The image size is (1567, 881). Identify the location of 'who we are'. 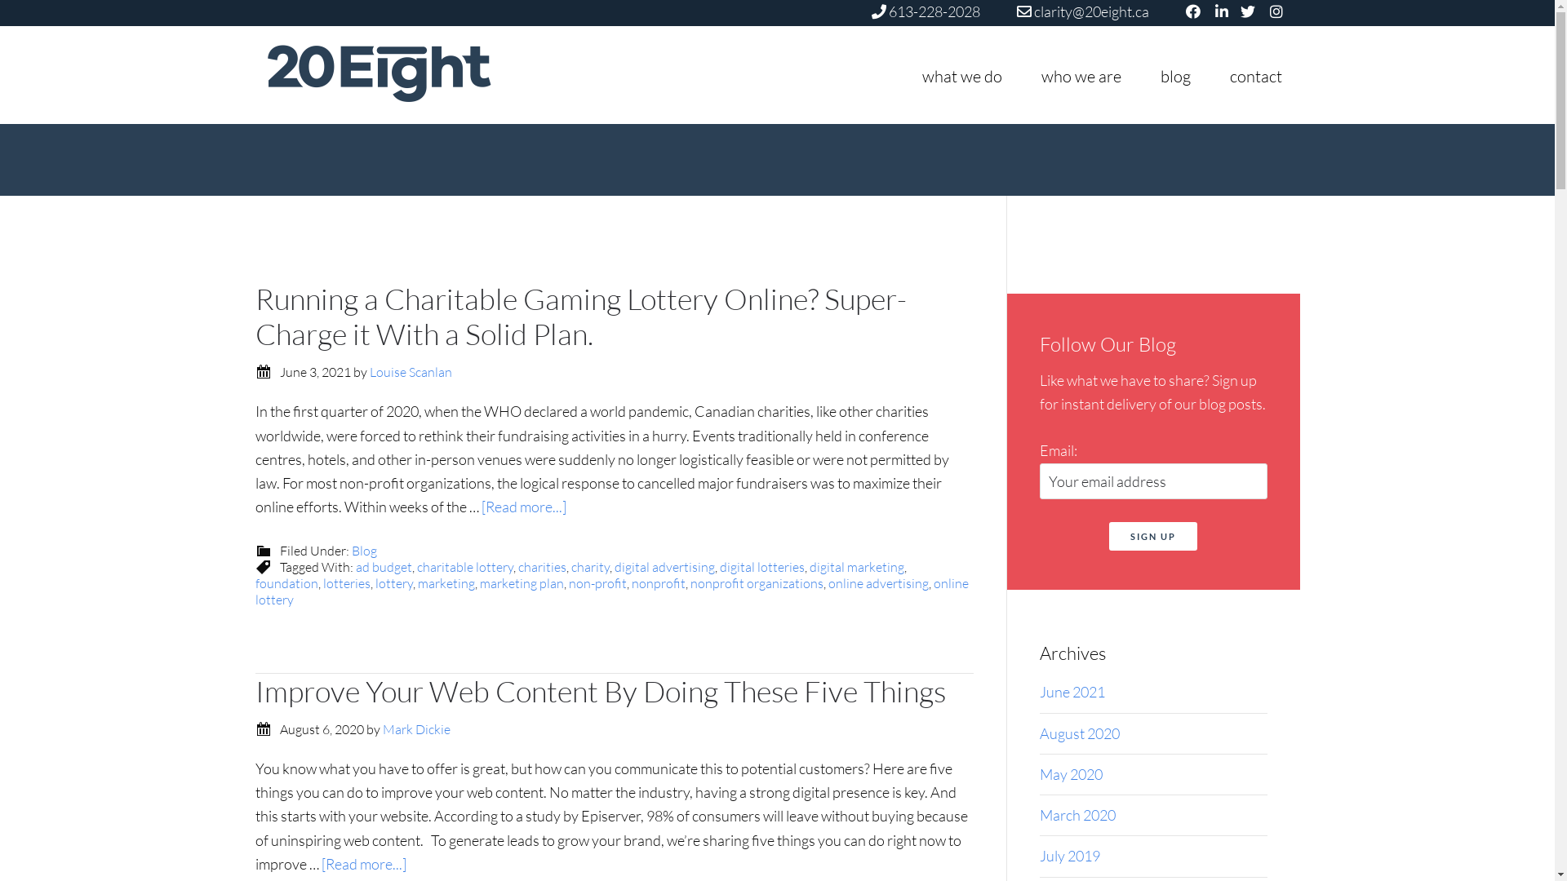
(1081, 76).